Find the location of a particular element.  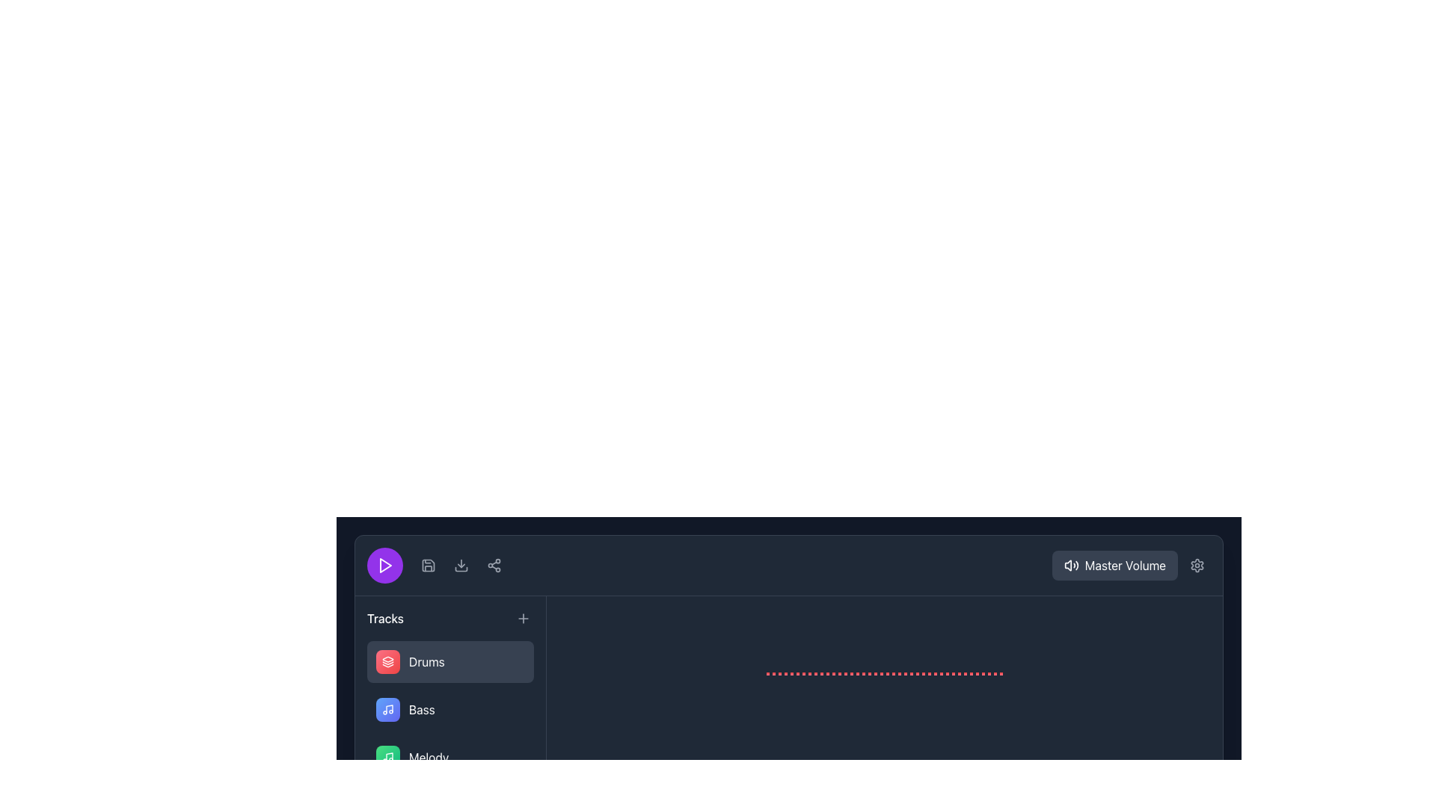

the save button, which is represented by a diskette symbol and is the first button in a sequence of three horizontally arranged buttons in the top-left corner of the interface is located at coordinates (427, 565).